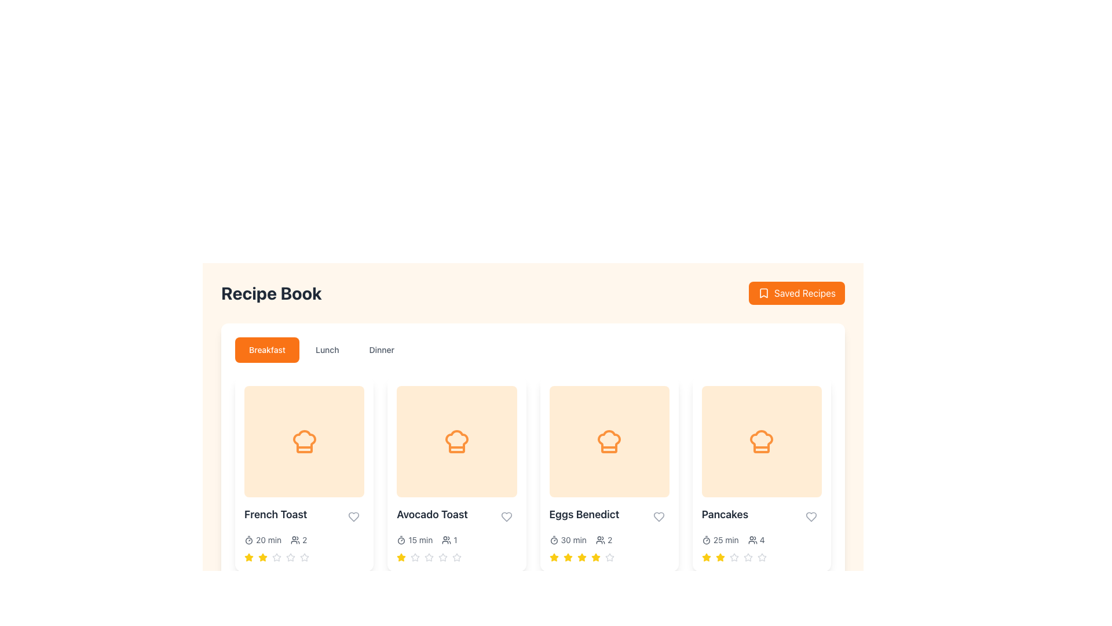  I want to click on the 'Dinner' button, so click(382, 350).